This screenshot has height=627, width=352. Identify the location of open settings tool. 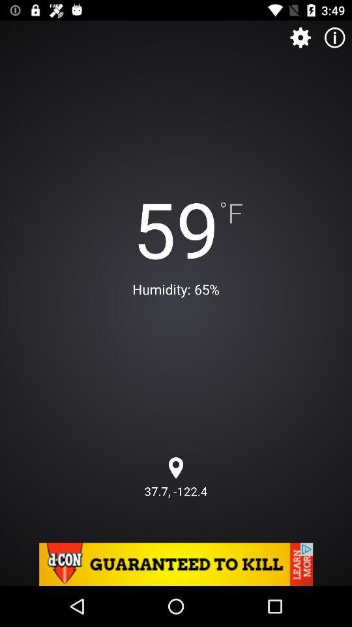
(301, 37).